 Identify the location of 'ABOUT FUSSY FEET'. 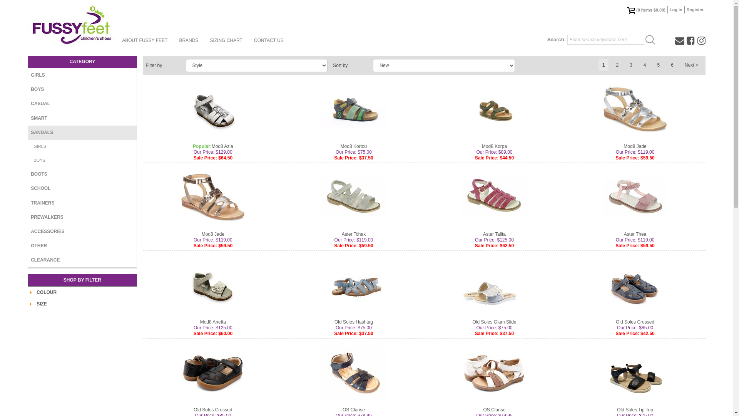
(144, 40).